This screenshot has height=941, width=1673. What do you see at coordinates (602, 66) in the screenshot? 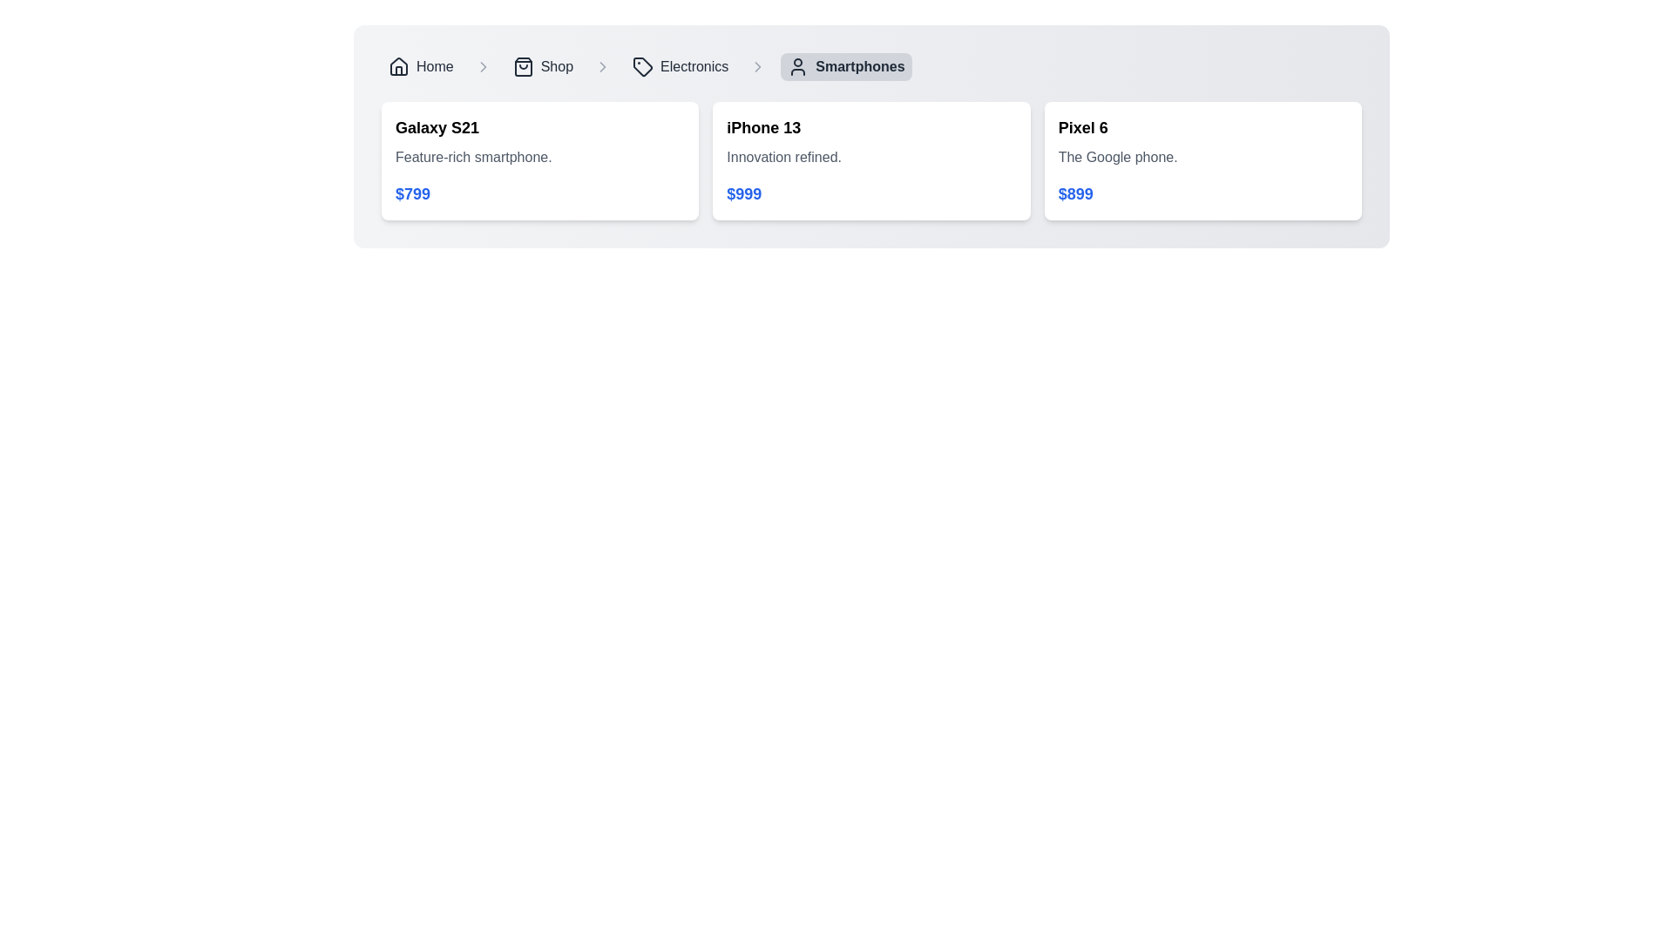
I see `the right-pointing chevron icon in the breadcrumb navigation bar, which serves as a visual separator between breadcrumb segments` at bounding box center [602, 66].